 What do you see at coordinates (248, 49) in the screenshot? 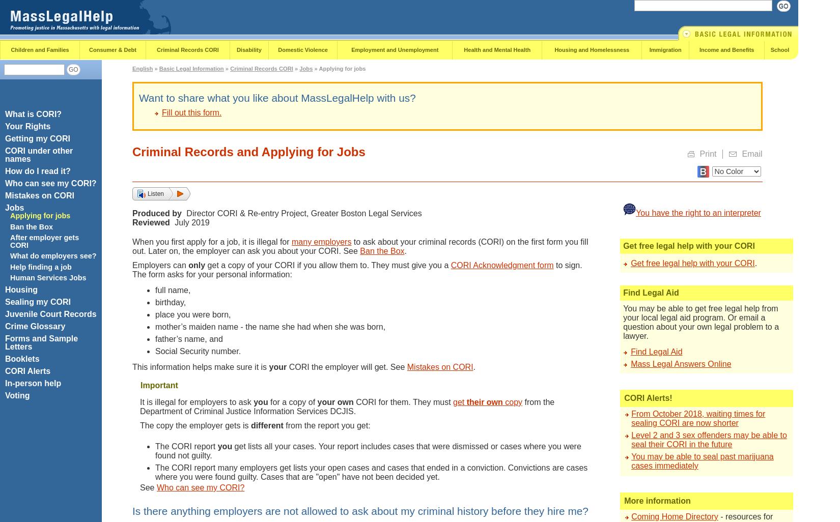
I see `'Disability'` at bounding box center [248, 49].